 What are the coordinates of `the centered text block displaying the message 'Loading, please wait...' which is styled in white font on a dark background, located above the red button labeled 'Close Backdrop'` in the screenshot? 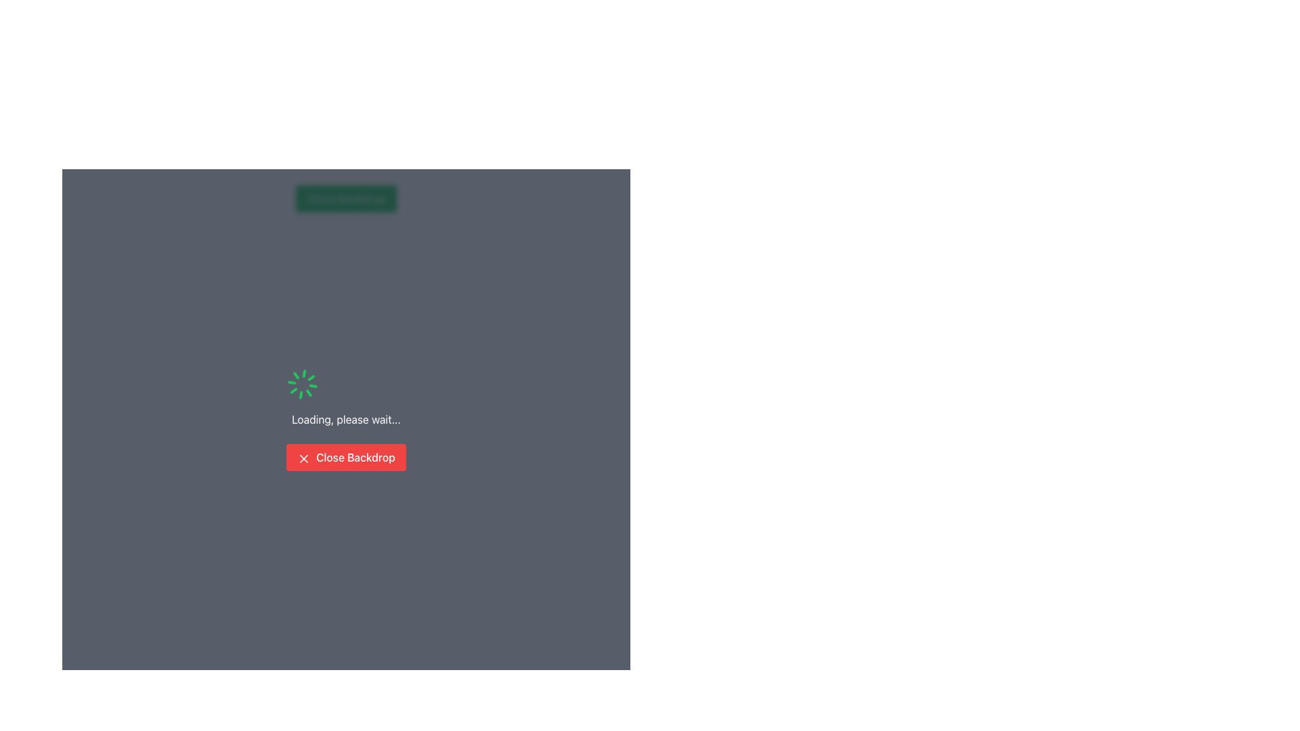 It's located at (346, 419).